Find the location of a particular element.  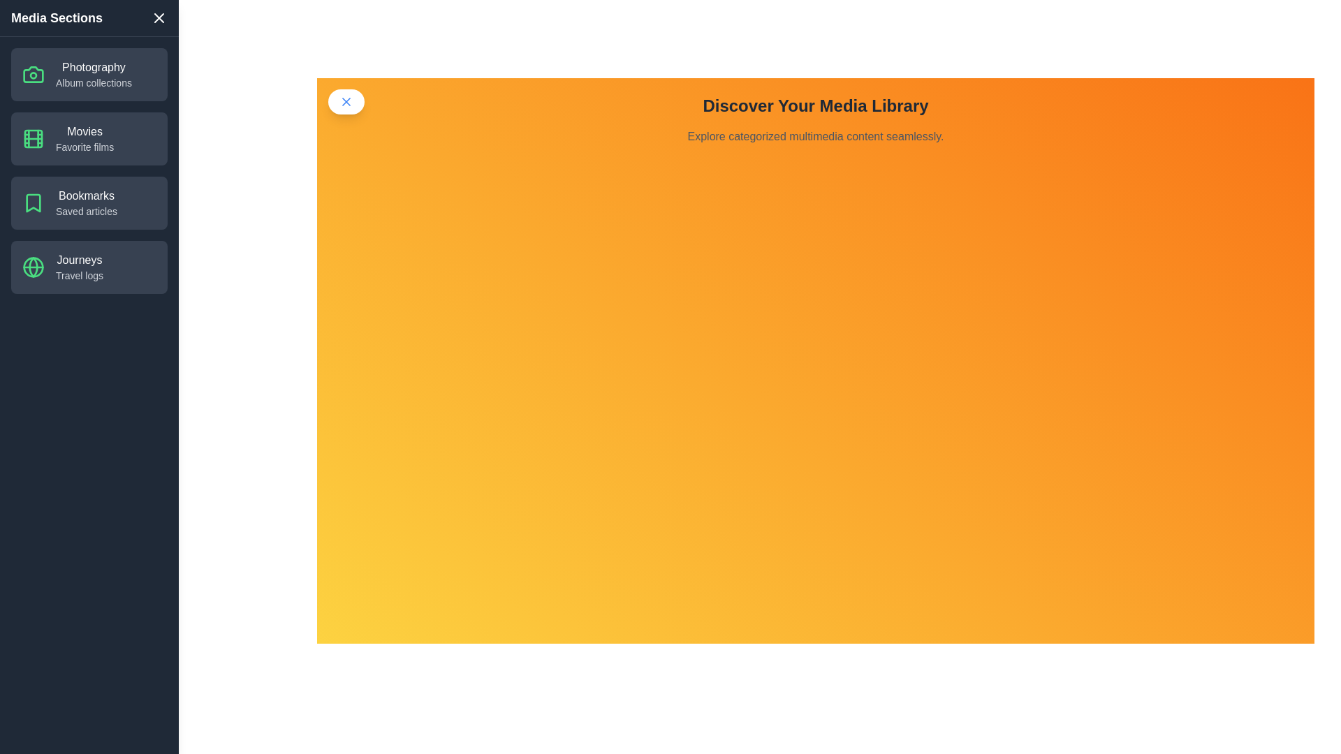

the close button at the top-left corner of the drawer is located at coordinates (159, 18).